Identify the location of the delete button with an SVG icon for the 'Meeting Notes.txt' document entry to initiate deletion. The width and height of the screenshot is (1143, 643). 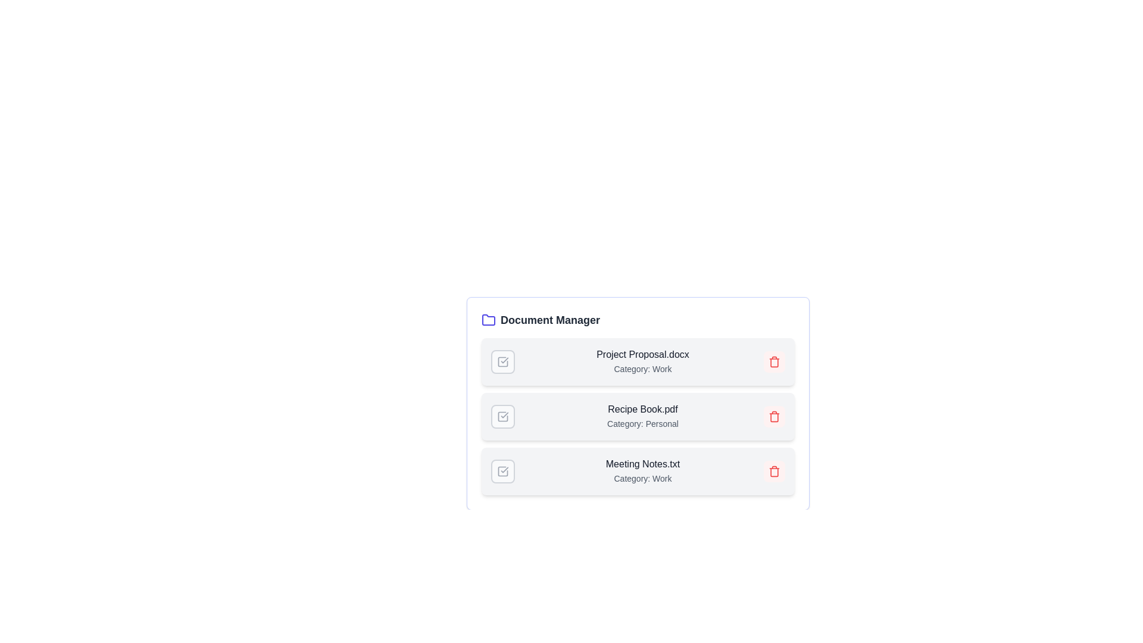
(774, 470).